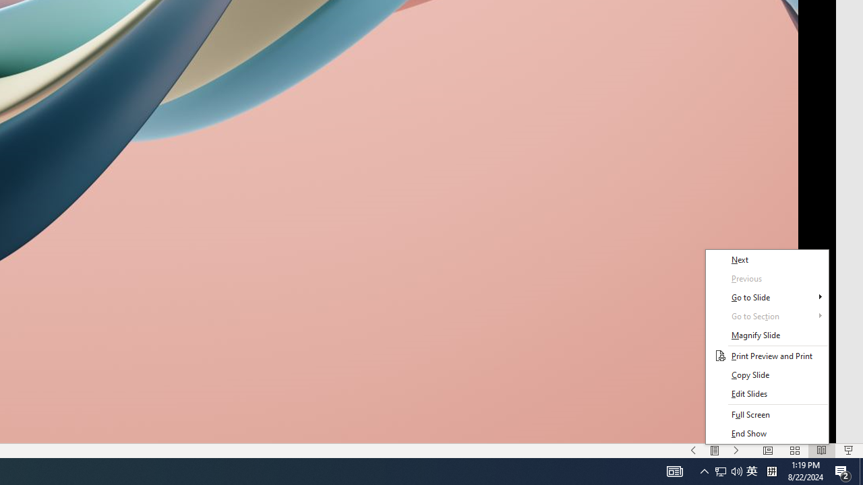  Describe the element at coordinates (767, 346) in the screenshot. I see `'Class: NetUITWMenuContainer'` at that location.